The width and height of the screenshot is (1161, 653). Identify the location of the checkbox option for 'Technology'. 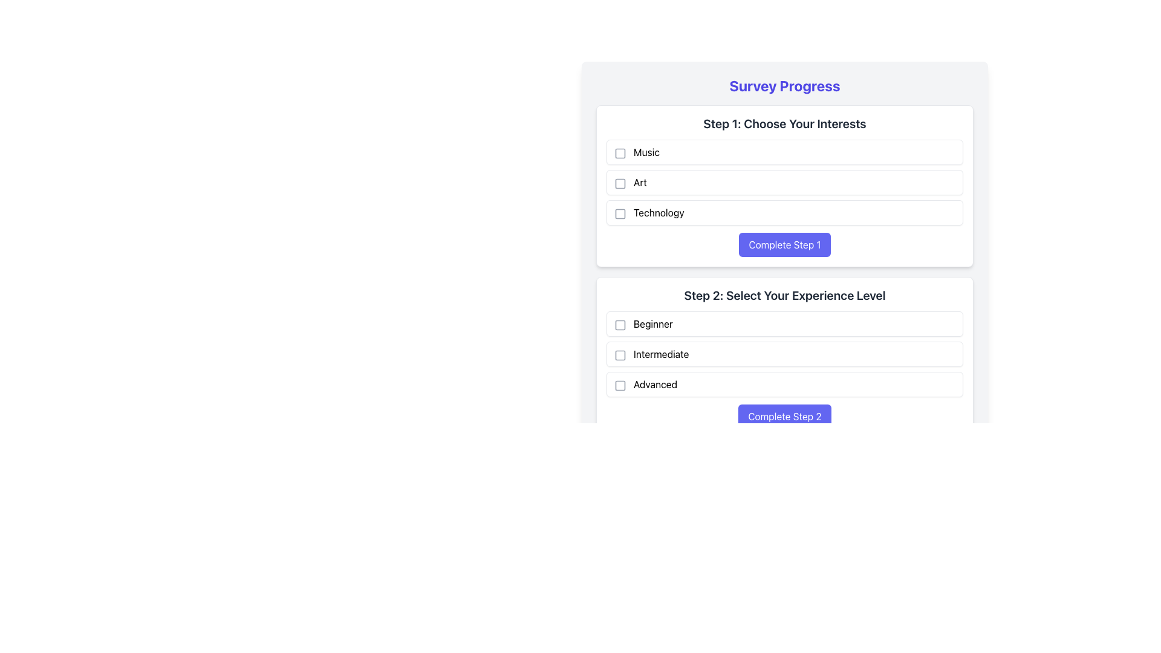
(620, 213).